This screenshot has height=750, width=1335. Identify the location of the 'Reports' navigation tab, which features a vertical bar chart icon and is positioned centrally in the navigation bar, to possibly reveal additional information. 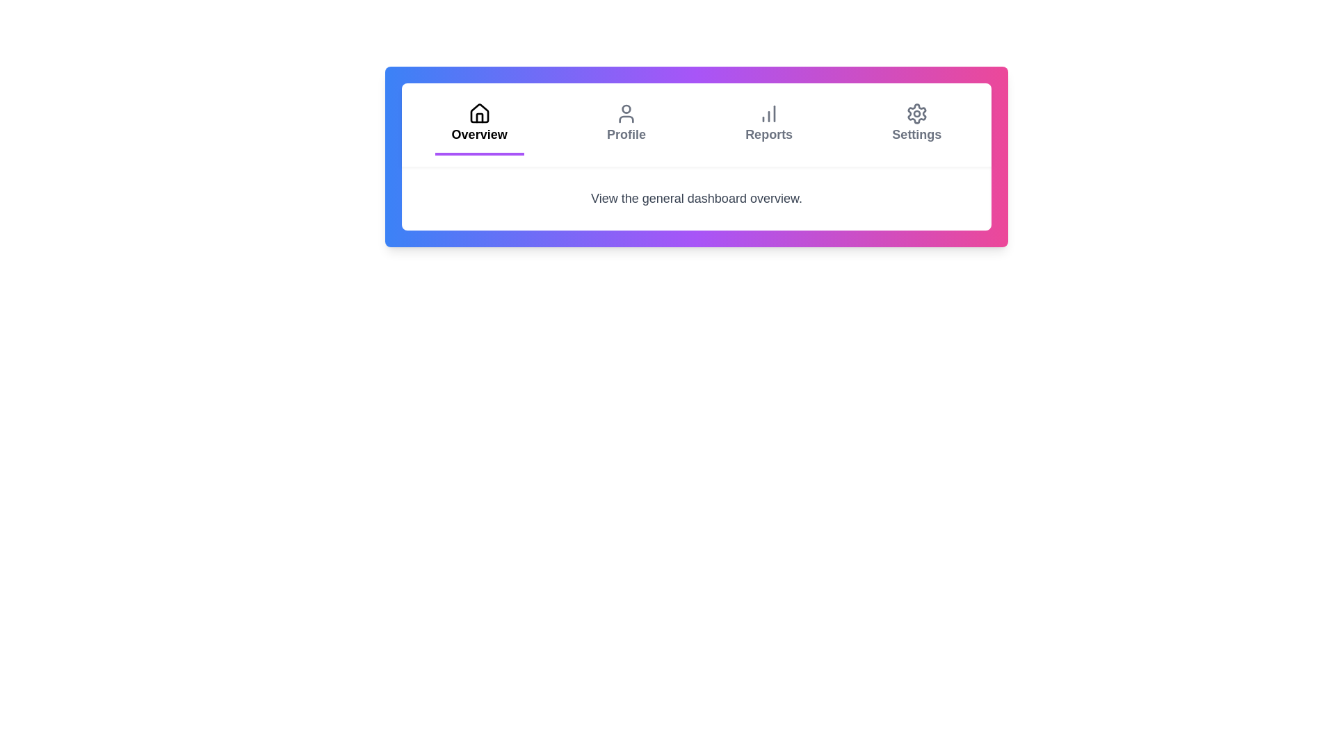
(768, 125).